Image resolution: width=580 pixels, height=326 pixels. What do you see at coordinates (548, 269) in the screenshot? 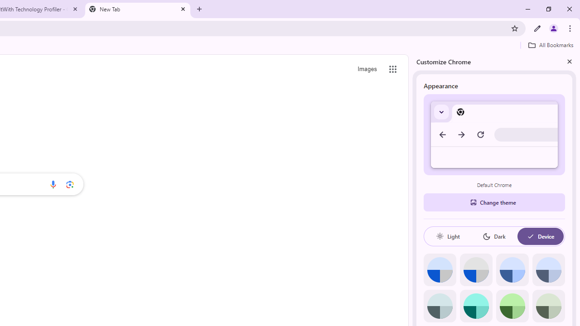
I see `'Cool grey'` at bounding box center [548, 269].